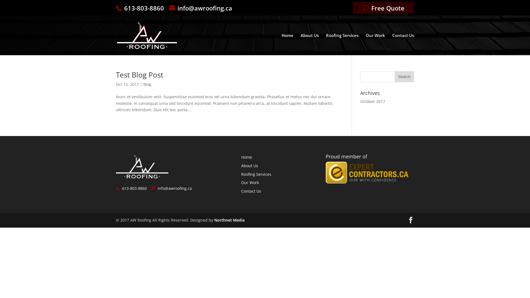  What do you see at coordinates (246, 157) in the screenshot?
I see `'Home'` at bounding box center [246, 157].